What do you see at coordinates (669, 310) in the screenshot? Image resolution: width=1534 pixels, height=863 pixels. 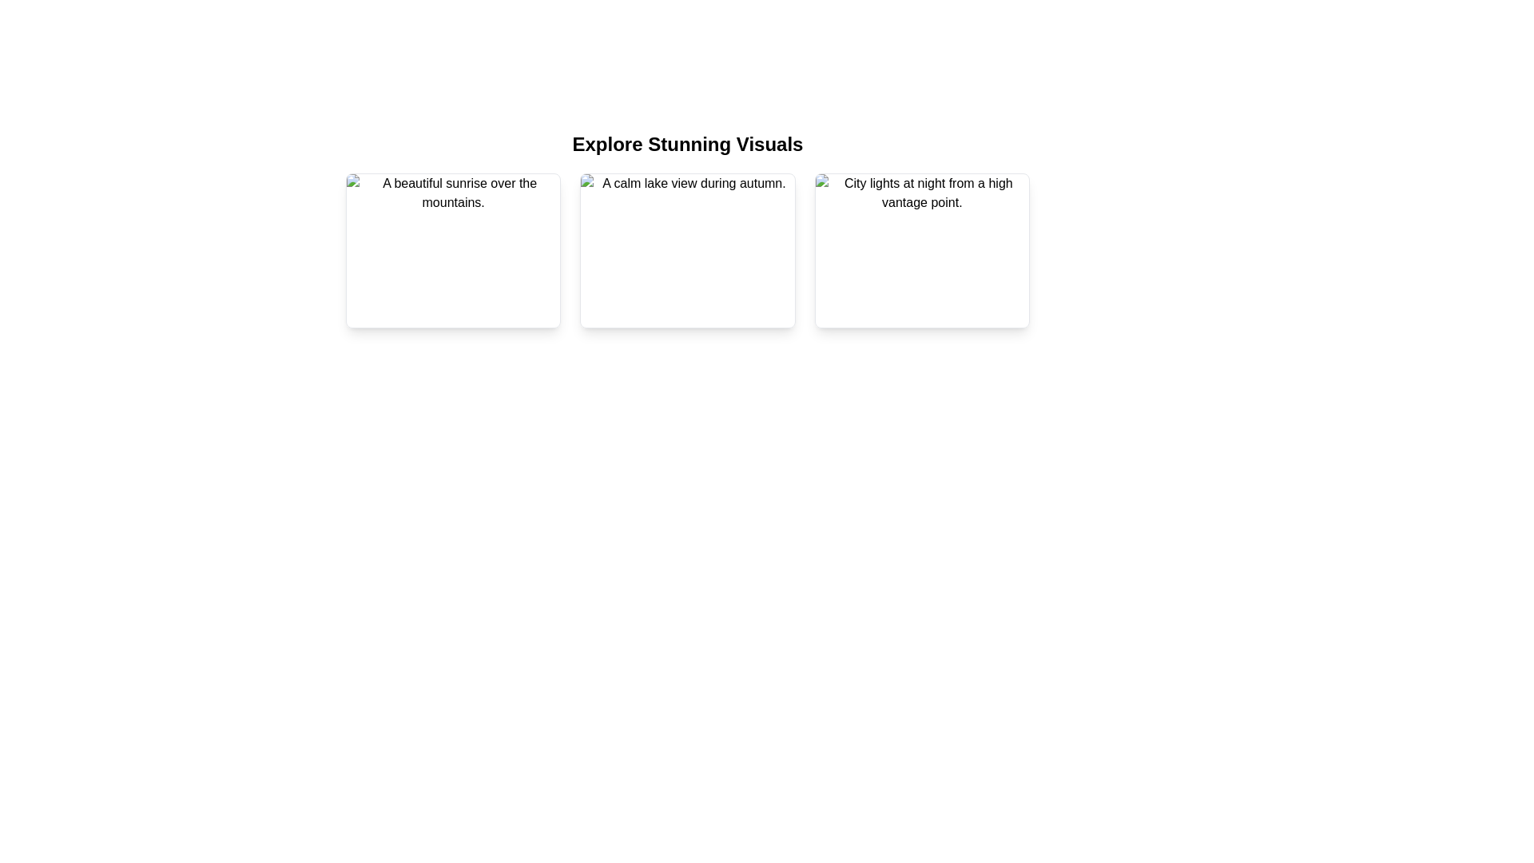 I see `the circular button with a blue outline and white background containing an information symbol, located at the bottom-center of the card labeled 'A calm lake view during autumn.'` at bounding box center [669, 310].